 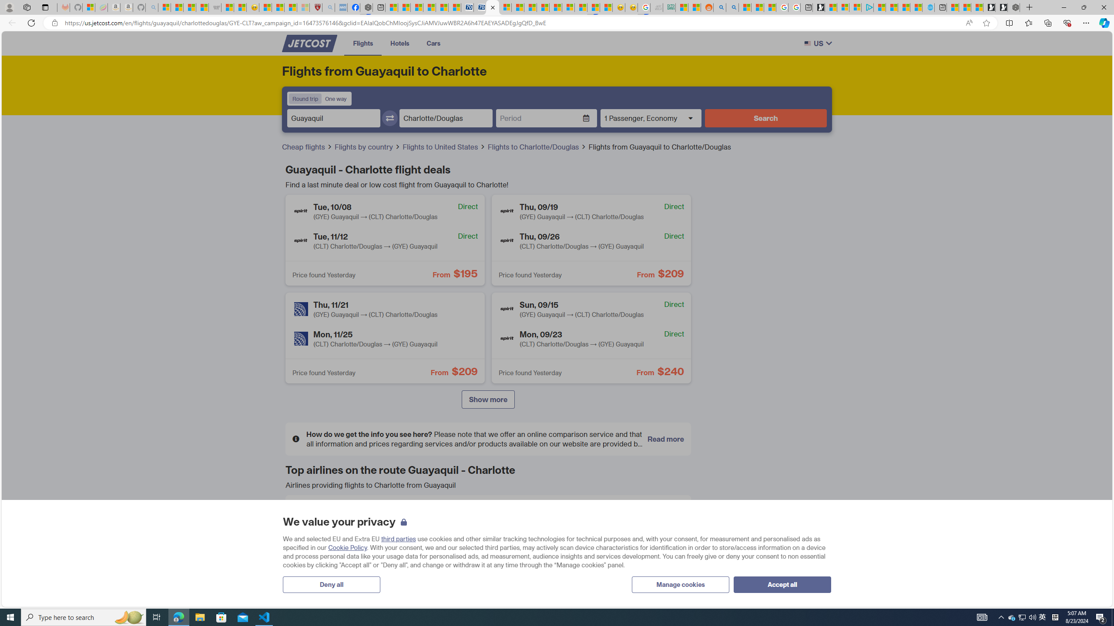 I want to click on 'Class: w-full h-auto rounded-sm border border-gray-200', so click(x=807, y=43).